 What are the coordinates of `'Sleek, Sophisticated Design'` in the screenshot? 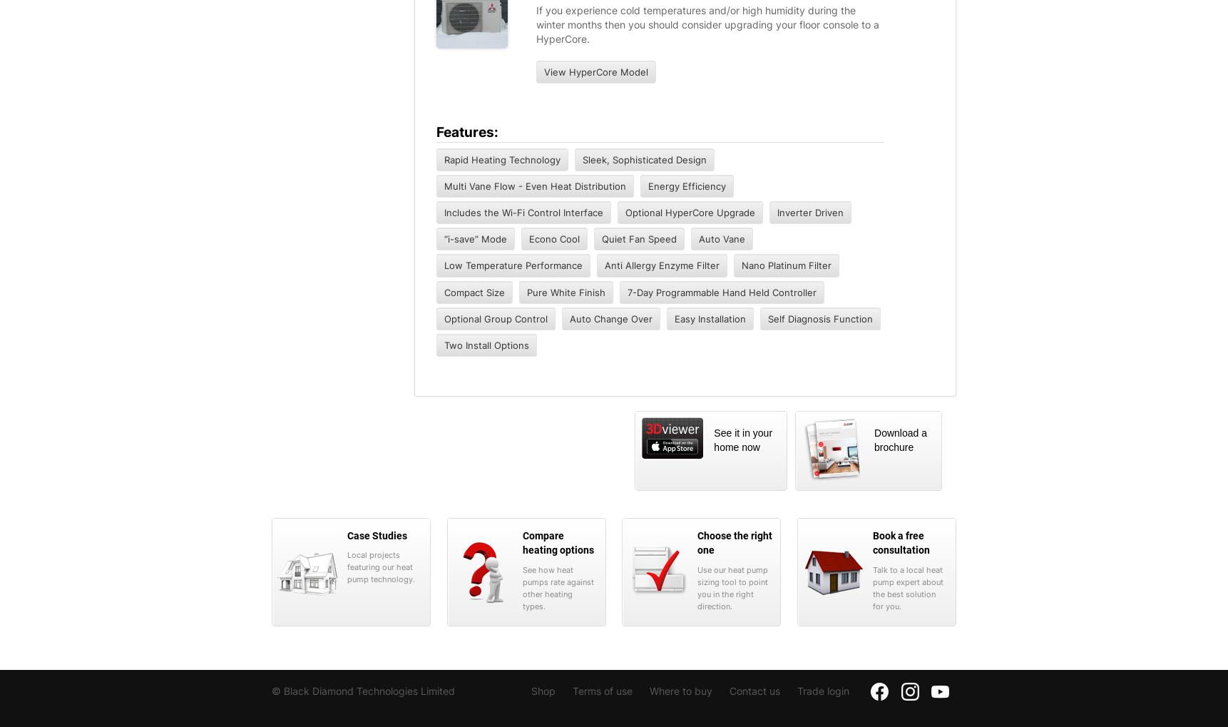 It's located at (645, 158).